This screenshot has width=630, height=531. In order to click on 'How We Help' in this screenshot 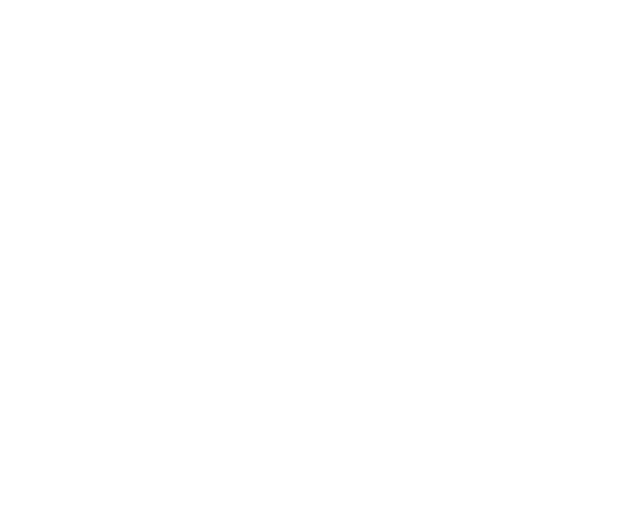, I will do `click(103, 433)`.